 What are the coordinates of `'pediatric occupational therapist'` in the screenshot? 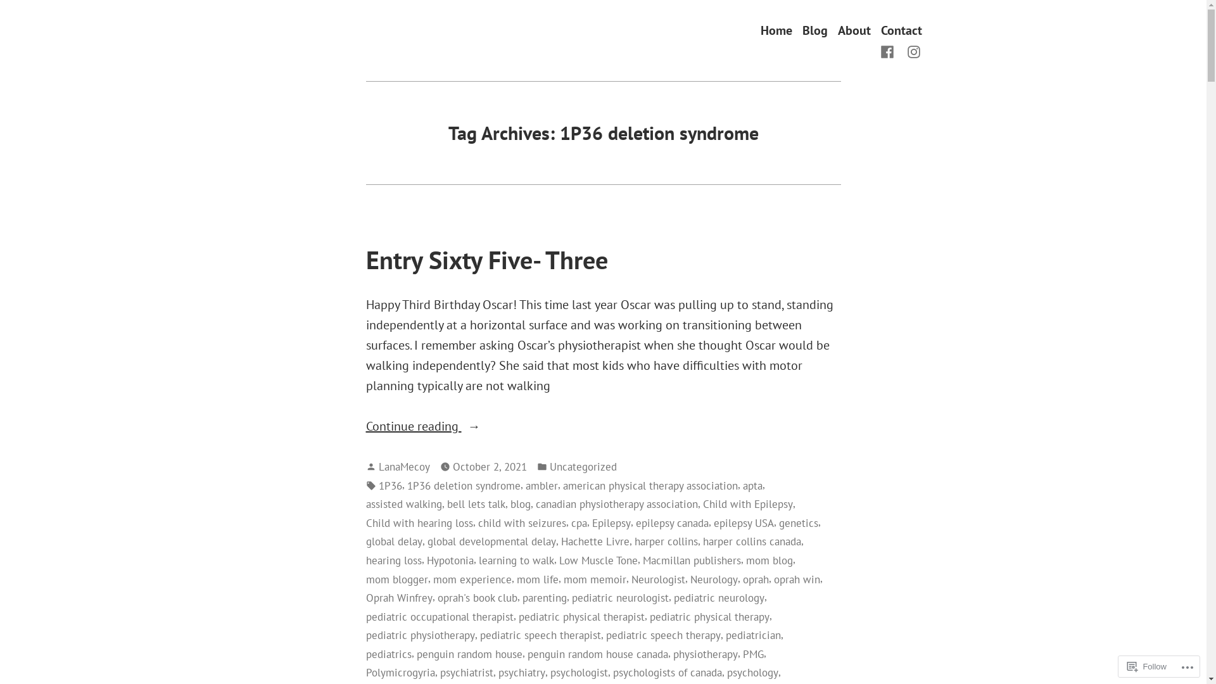 It's located at (440, 616).